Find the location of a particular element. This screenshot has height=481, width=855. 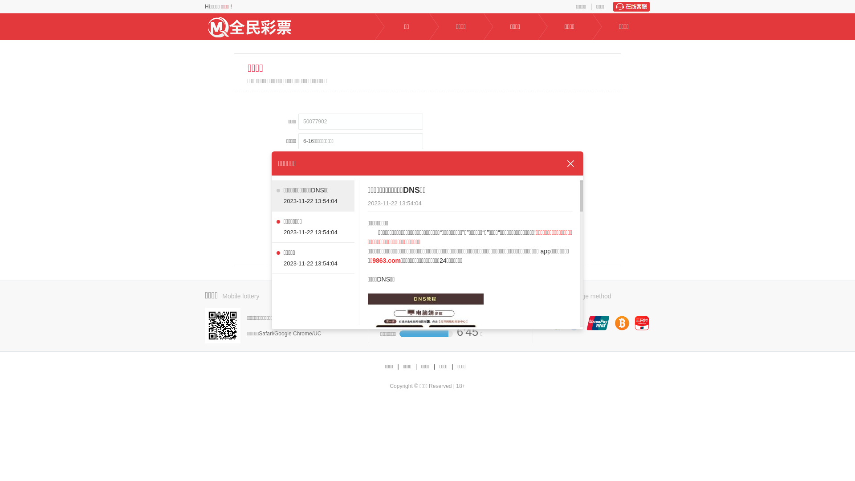

'|' is located at coordinates (434, 367).